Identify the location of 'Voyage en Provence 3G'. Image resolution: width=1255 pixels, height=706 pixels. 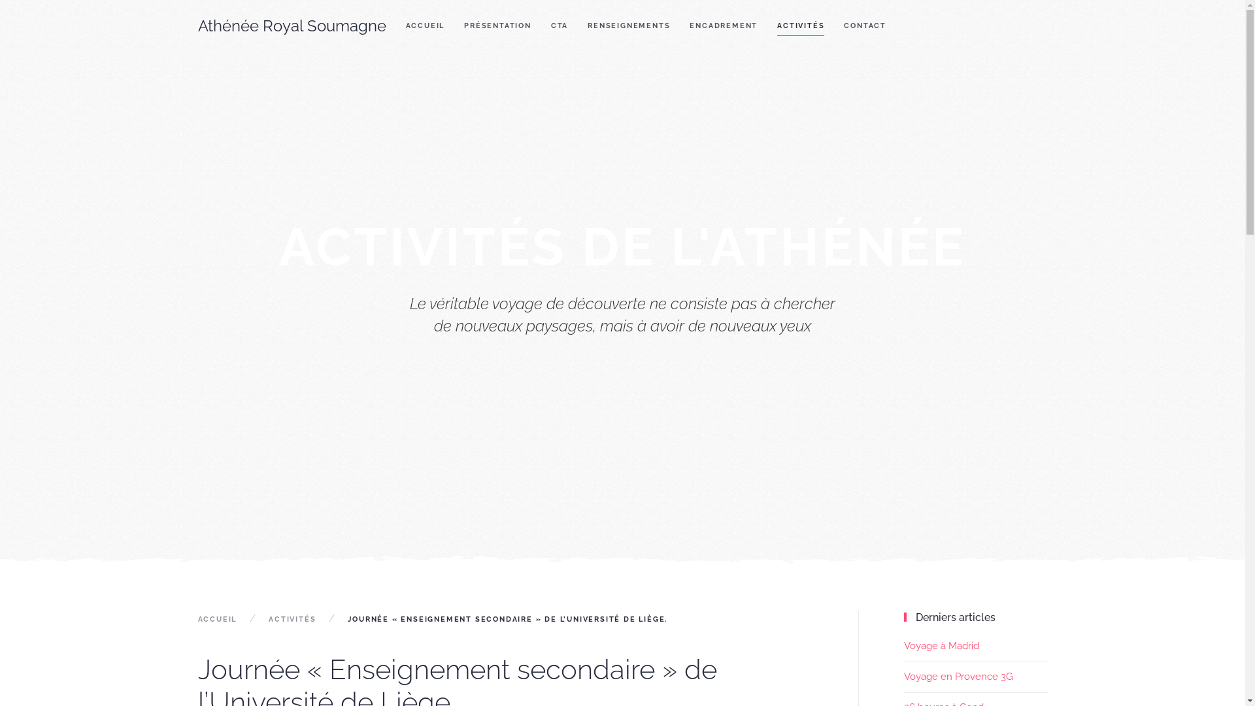
(903, 676).